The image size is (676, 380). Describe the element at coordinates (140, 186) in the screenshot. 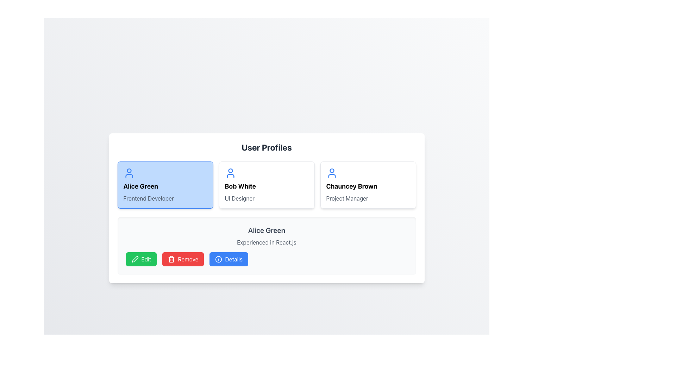

I see `the text label 'Alice Green' which is styled in bold and slightly larger font located in the first user profile card, below the profile picture icon and above the description text 'Frontend Developer'` at that location.